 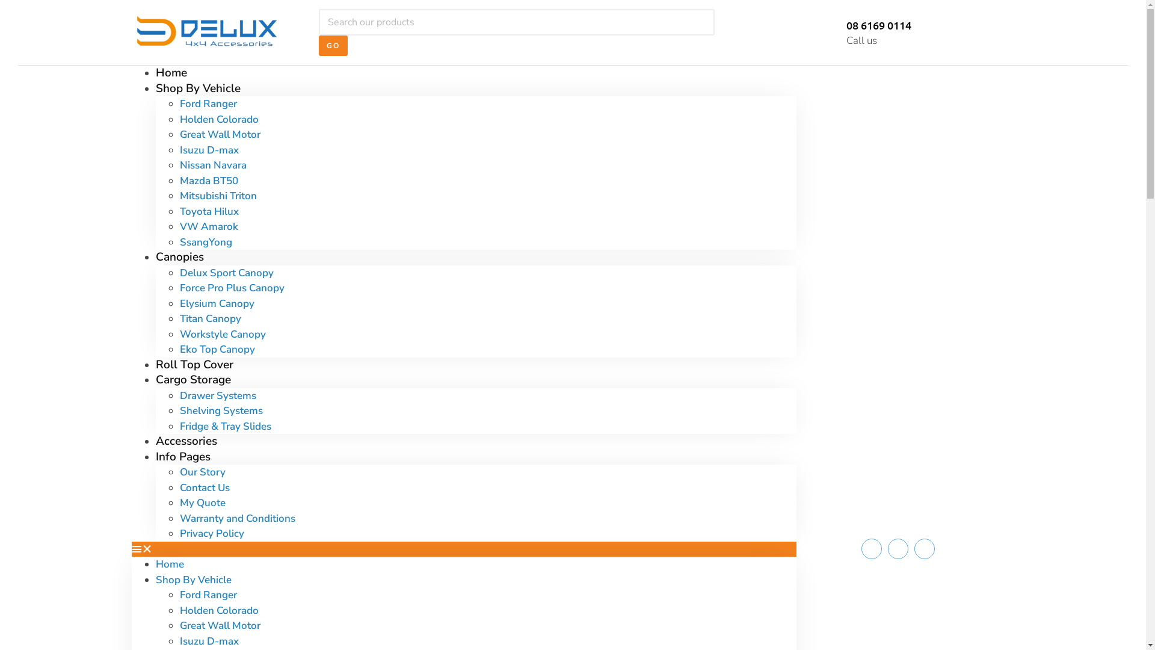 I want to click on 'Force Pro Plus Canopy', so click(x=231, y=288).